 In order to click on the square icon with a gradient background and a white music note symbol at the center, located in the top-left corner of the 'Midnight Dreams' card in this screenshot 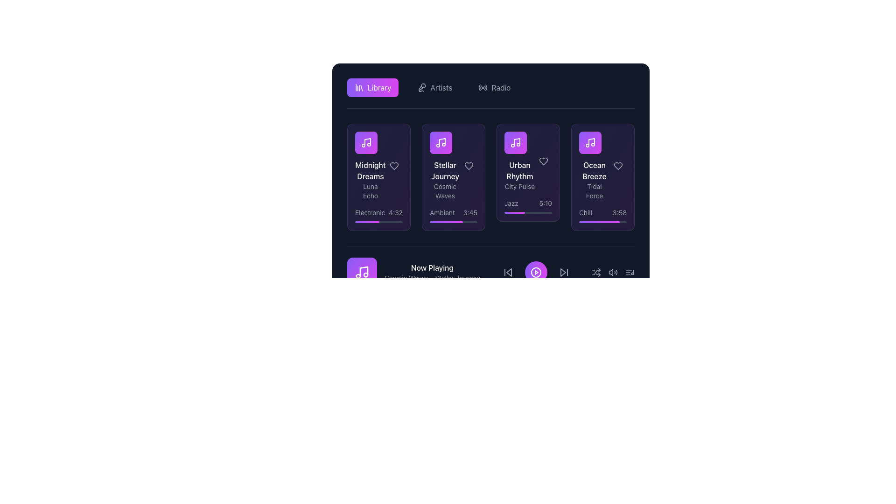, I will do `click(366, 142)`.